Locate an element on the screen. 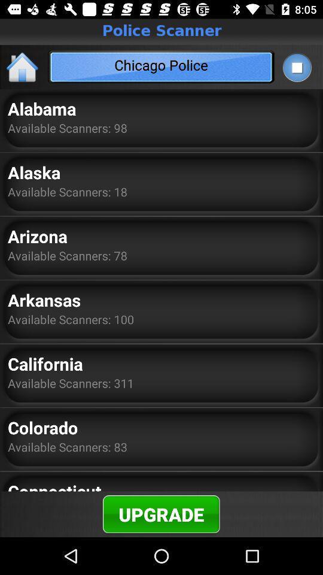 This screenshot has width=323, height=575. the button to the left of upgrade is located at coordinates (54, 485).